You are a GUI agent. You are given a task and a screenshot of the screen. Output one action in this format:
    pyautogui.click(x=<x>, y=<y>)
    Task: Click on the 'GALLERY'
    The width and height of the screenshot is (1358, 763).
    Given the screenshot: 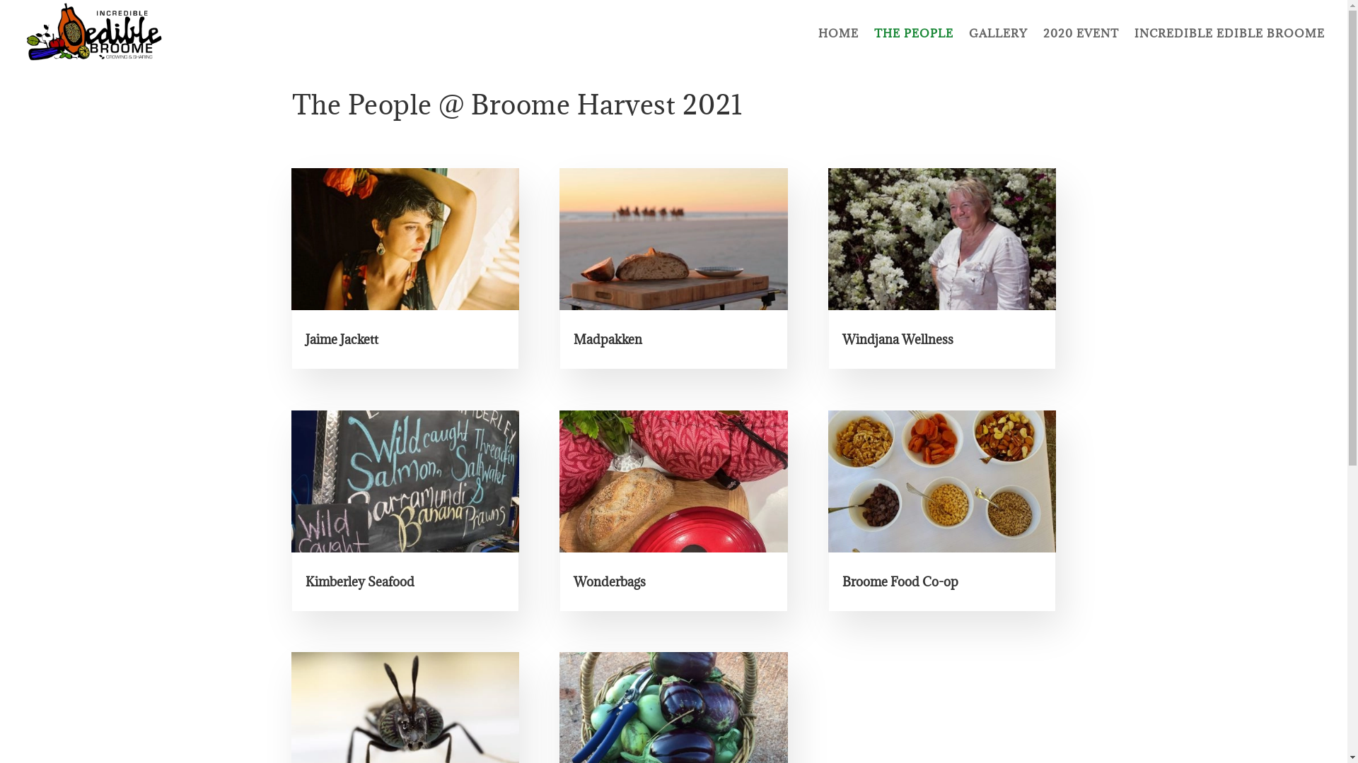 What is the action you would take?
    pyautogui.click(x=997, y=46)
    